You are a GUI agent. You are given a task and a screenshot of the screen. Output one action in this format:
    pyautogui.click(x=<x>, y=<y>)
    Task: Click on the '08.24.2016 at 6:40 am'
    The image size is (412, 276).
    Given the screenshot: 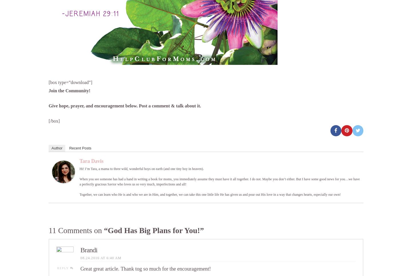 What is the action you would take?
    pyautogui.click(x=101, y=257)
    